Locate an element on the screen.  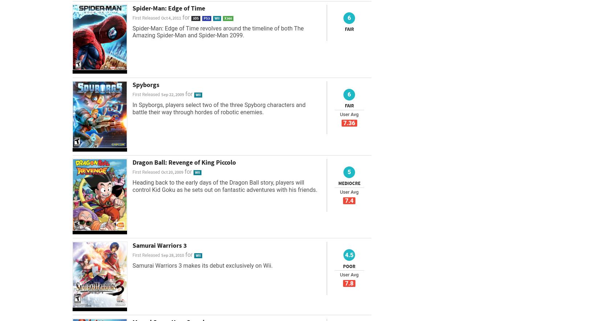
'3DS' is located at coordinates (192, 17).